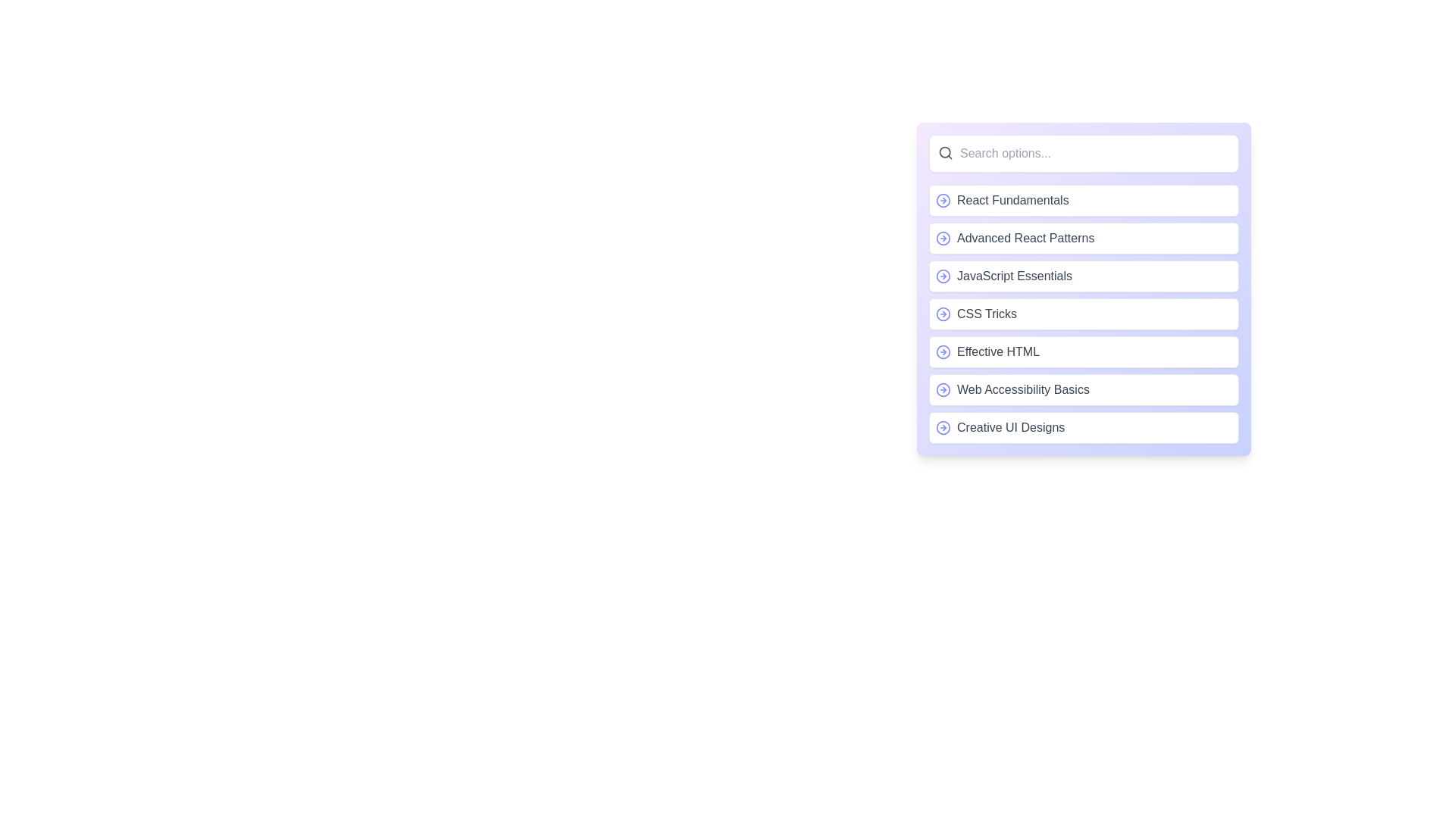  Describe the element at coordinates (942, 239) in the screenshot. I see `the small circular icon with a rightward arrow, which is positioned to the left of the 'Advanced React Patterns' text` at that location.